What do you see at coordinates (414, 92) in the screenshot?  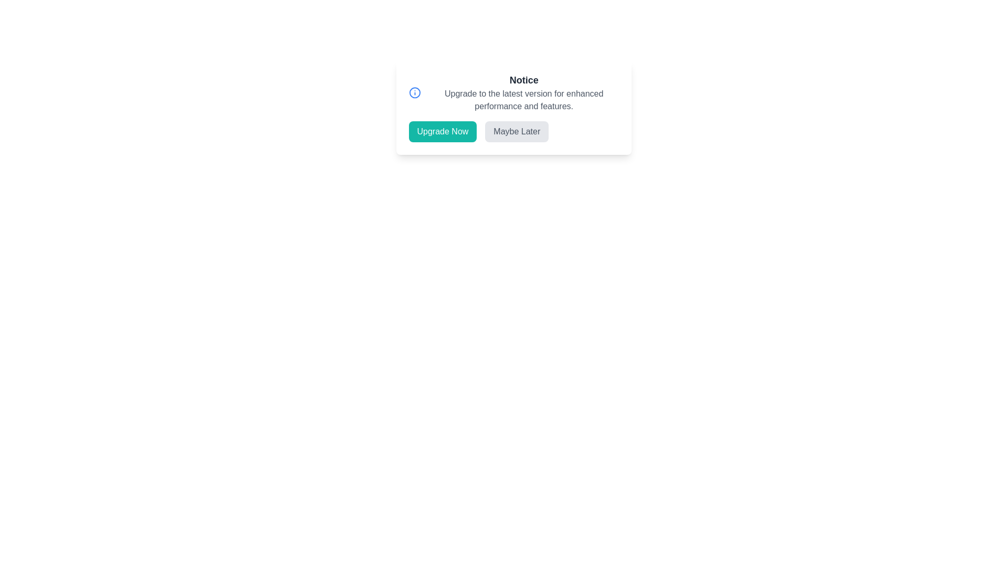 I see `the circular blue icon with an 'info' symbol at its center, located at the top-left of the notification box, next to the text 'Notice Upgrade to the latest version for enhanced performance and features.'` at bounding box center [414, 92].